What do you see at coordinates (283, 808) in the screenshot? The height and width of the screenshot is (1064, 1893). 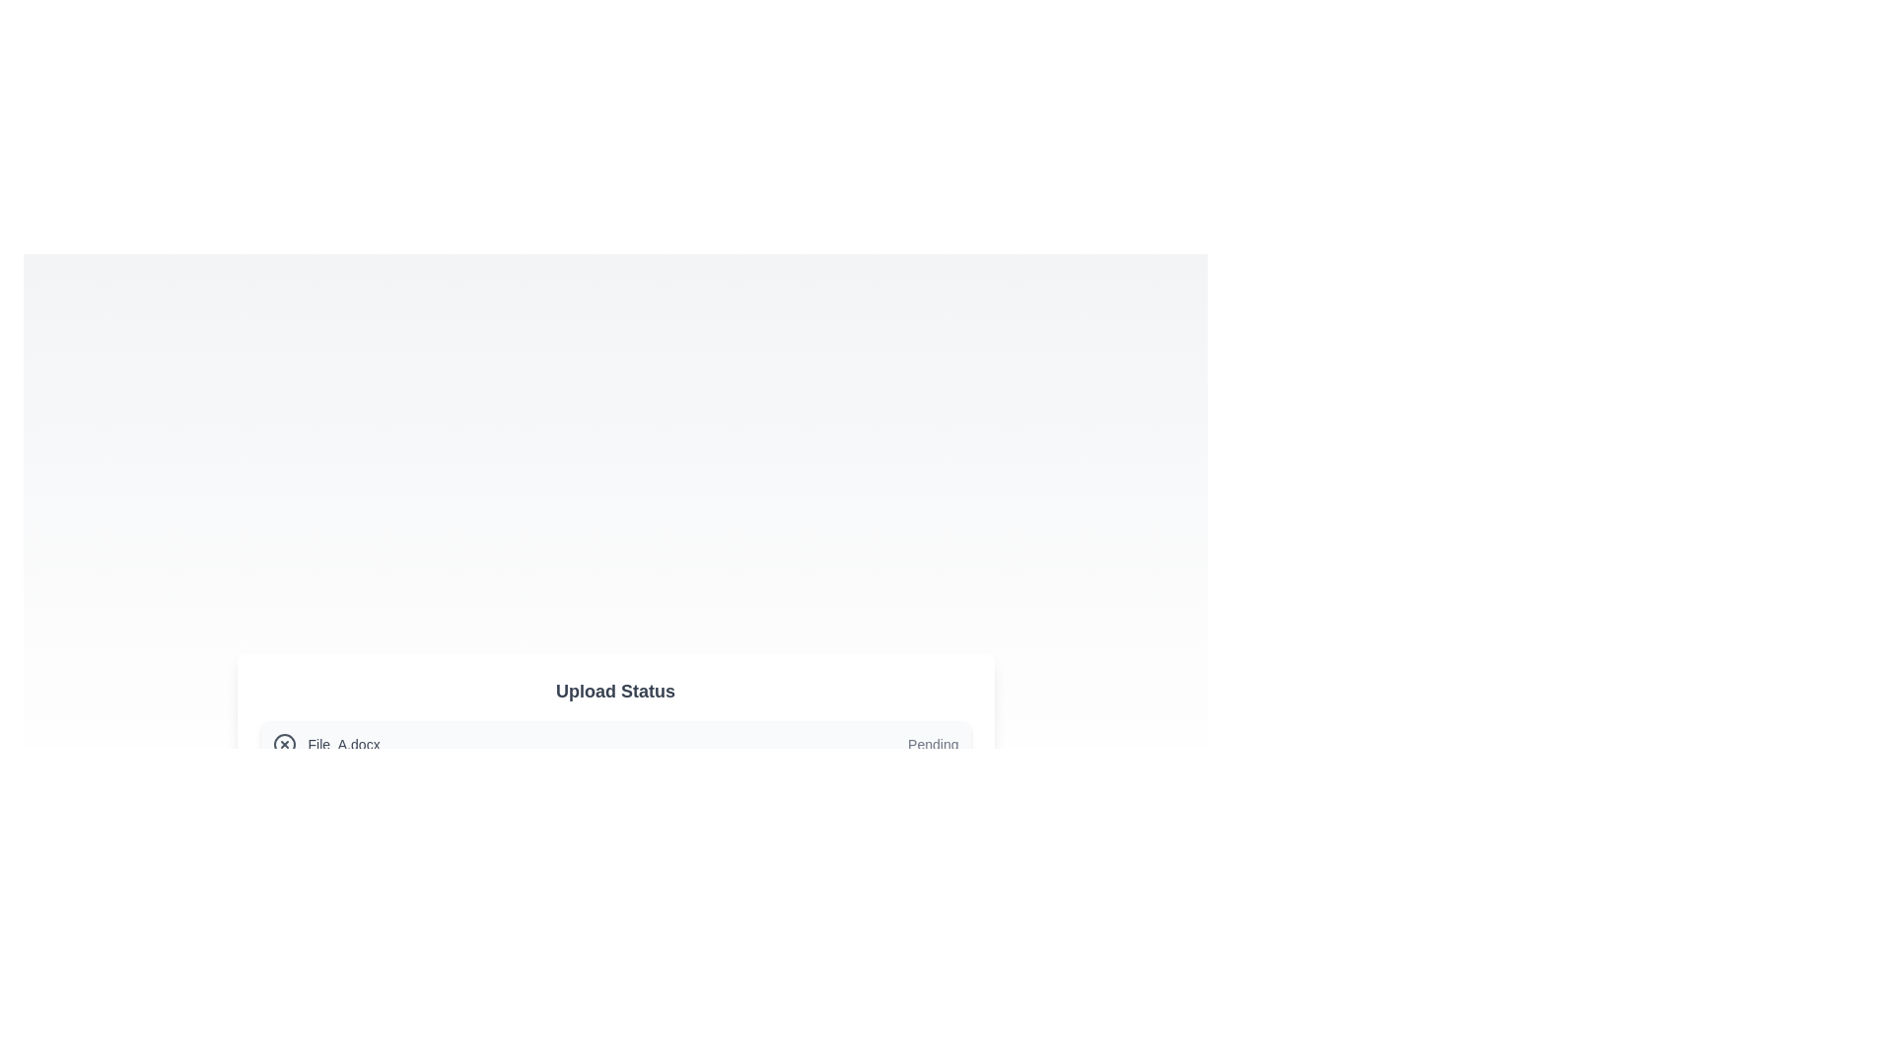 I see `the status of the icon located on the left side of the horizontal bar displaying the filename 'File_B.png'` at bounding box center [283, 808].